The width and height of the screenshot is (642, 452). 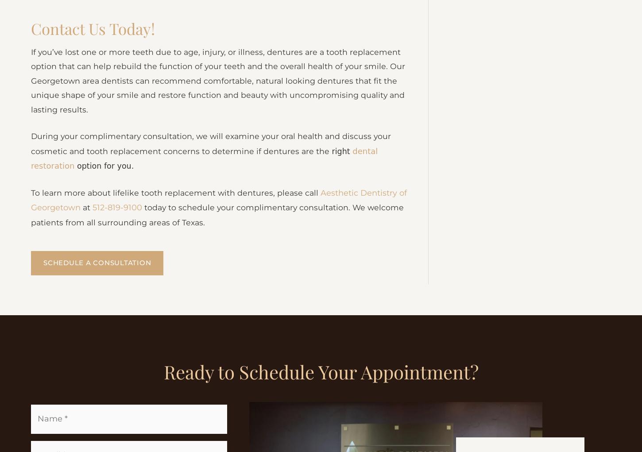 What do you see at coordinates (43, 325) in the screenshot?
I see `'Schedule A Consultation'` at bounding box center [43, 325].